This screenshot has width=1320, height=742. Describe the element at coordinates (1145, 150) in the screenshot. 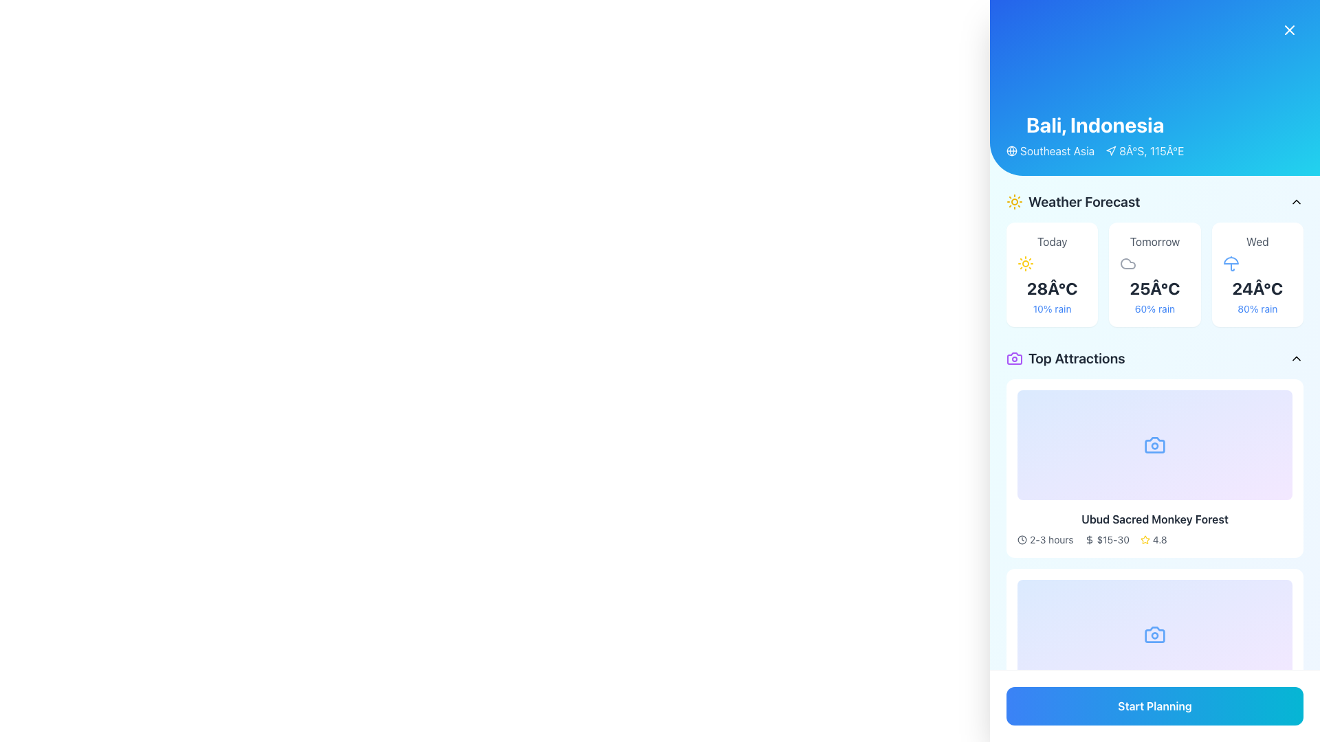

I see `the navigation arrow icon adjacent to the text label displaying '8°S, 115°E' for more information` at that location.